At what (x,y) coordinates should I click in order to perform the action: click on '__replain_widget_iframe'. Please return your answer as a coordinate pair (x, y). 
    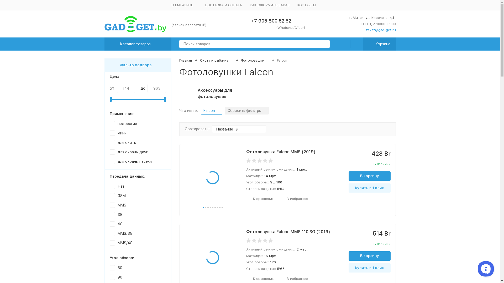
    Looking at the image, I should click on (485, 269).